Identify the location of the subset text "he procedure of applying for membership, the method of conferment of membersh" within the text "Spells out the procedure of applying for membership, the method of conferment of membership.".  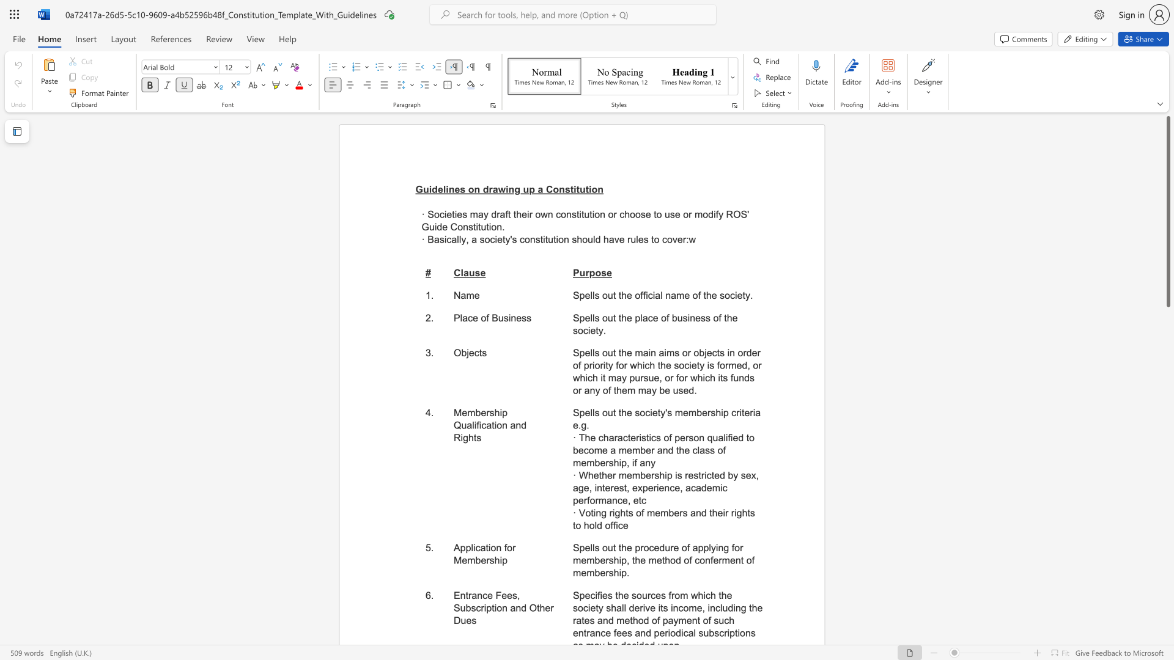
(621, 547).